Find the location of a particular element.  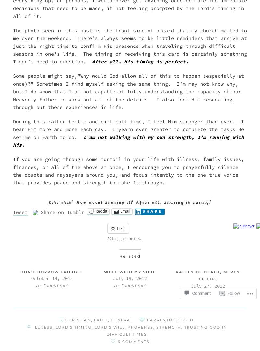

'faith' is located at coordinates (94, 320).